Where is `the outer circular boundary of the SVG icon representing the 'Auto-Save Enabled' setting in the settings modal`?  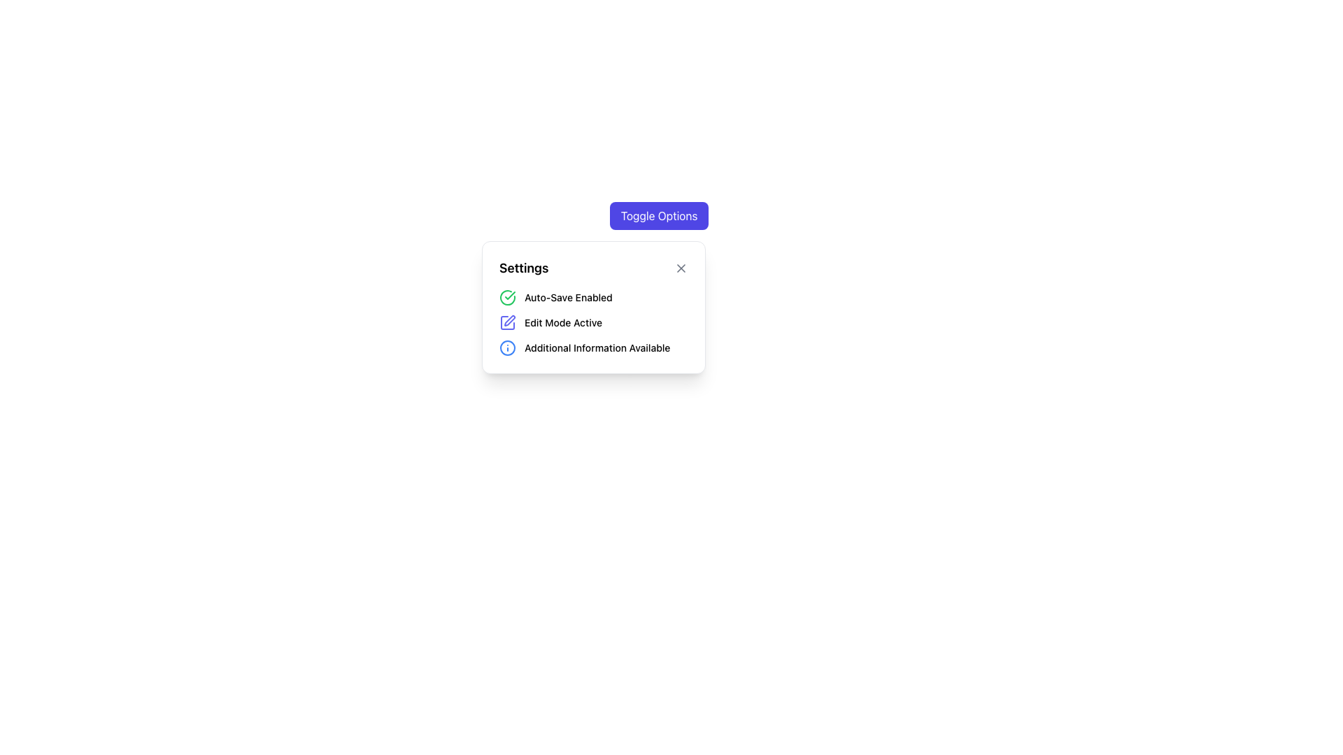 the outer circular boundary of the SVG icon representing the 'Auto-Save Enabled' setting in the settings modal is located at coordinates (506, 296).